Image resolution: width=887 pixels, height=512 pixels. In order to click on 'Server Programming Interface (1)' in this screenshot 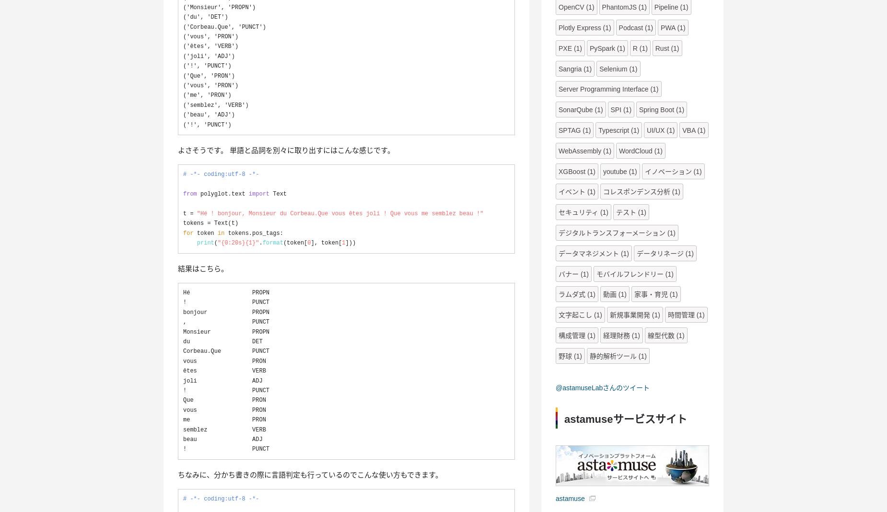, I will do `click(558, 89)`.